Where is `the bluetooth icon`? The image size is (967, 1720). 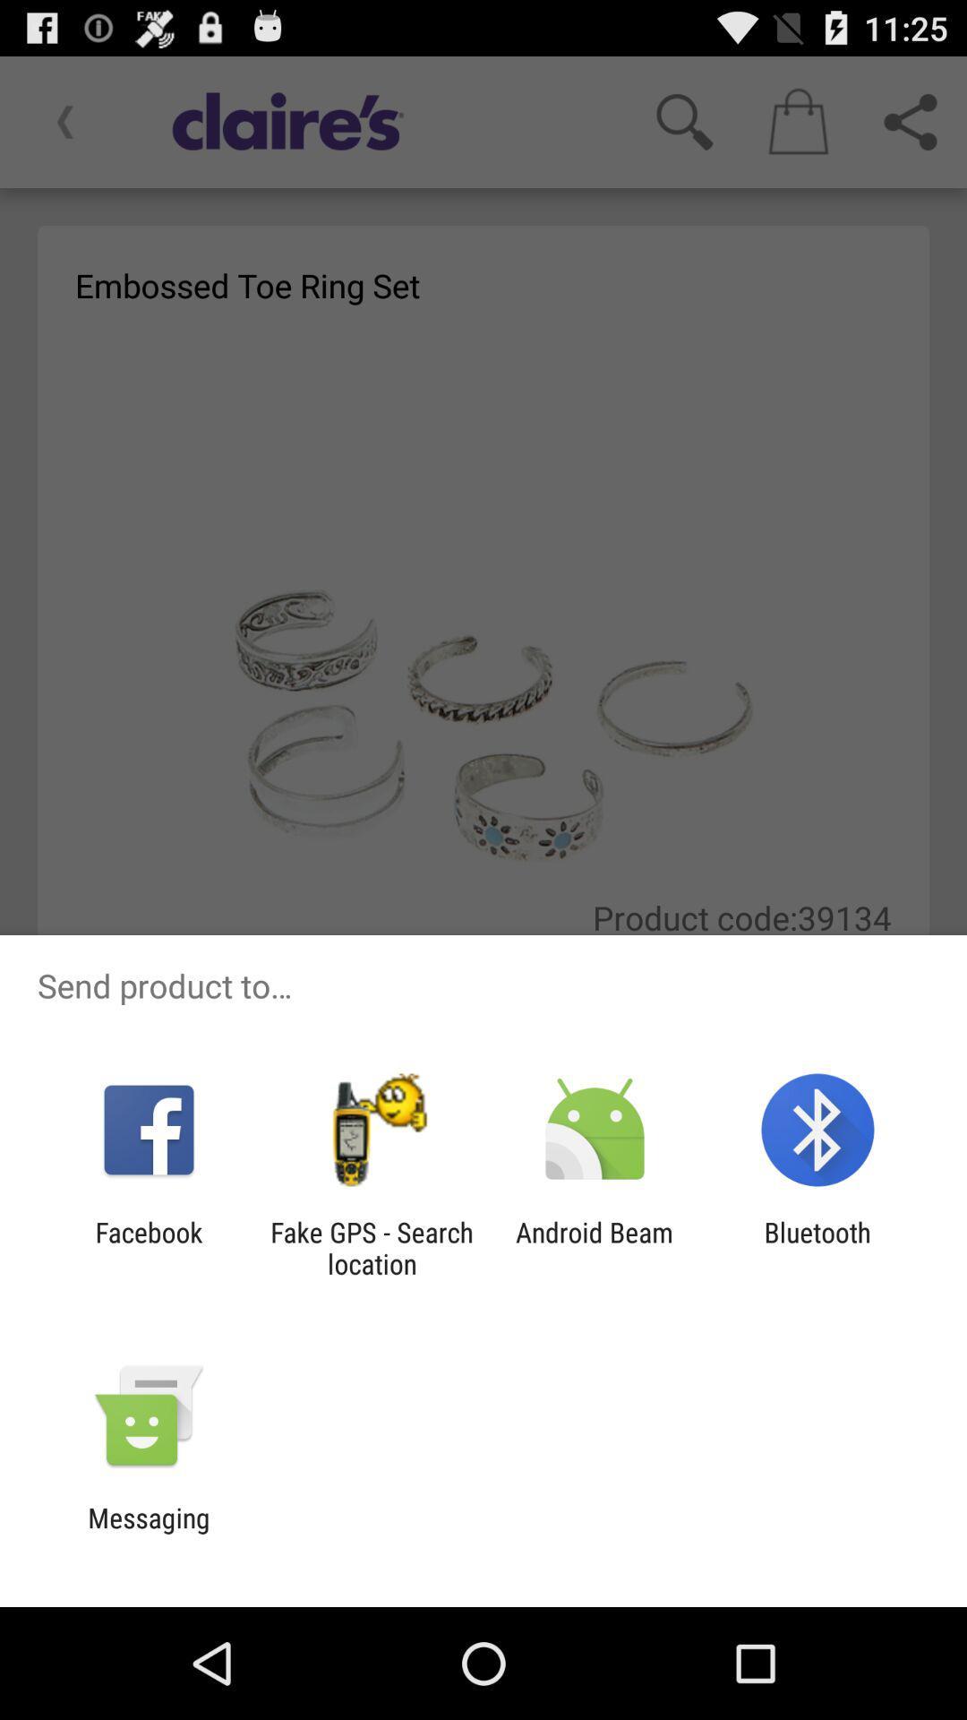
the bluetooth icon is located at coordinates (817, 1247).